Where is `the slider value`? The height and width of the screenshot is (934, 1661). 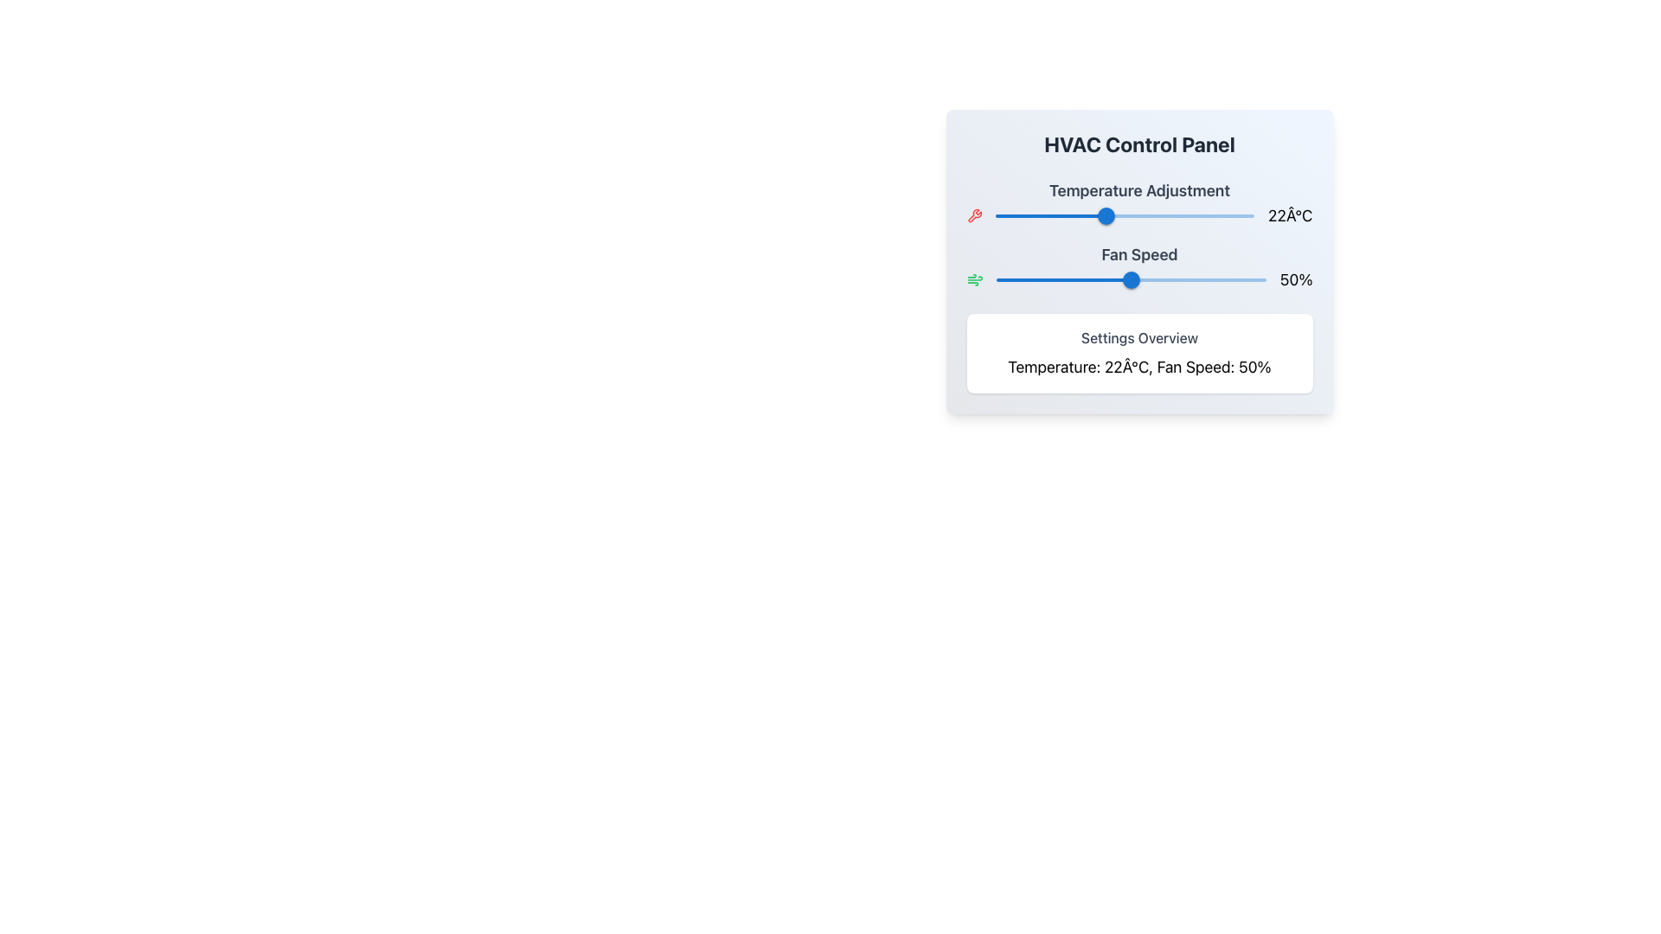
the slider value is located at coordinates (1004, 279).